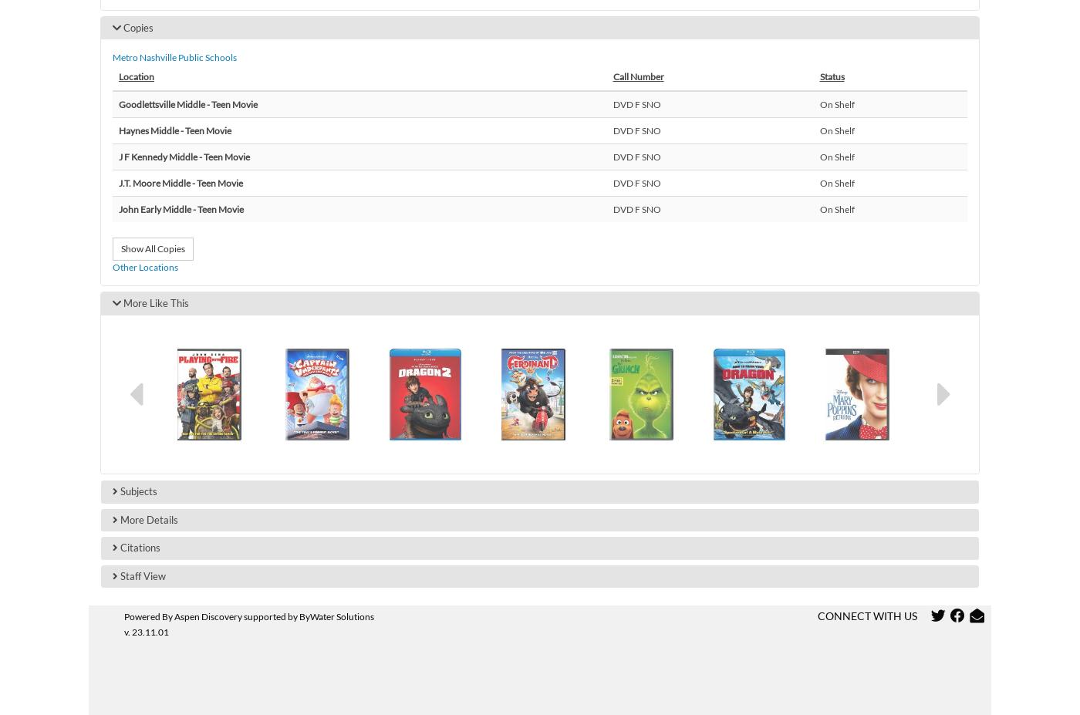  What do you see at coordinates (157, 152) in the screenshot?
I see `'Glencliff High'` at bounding box center [157, 152].